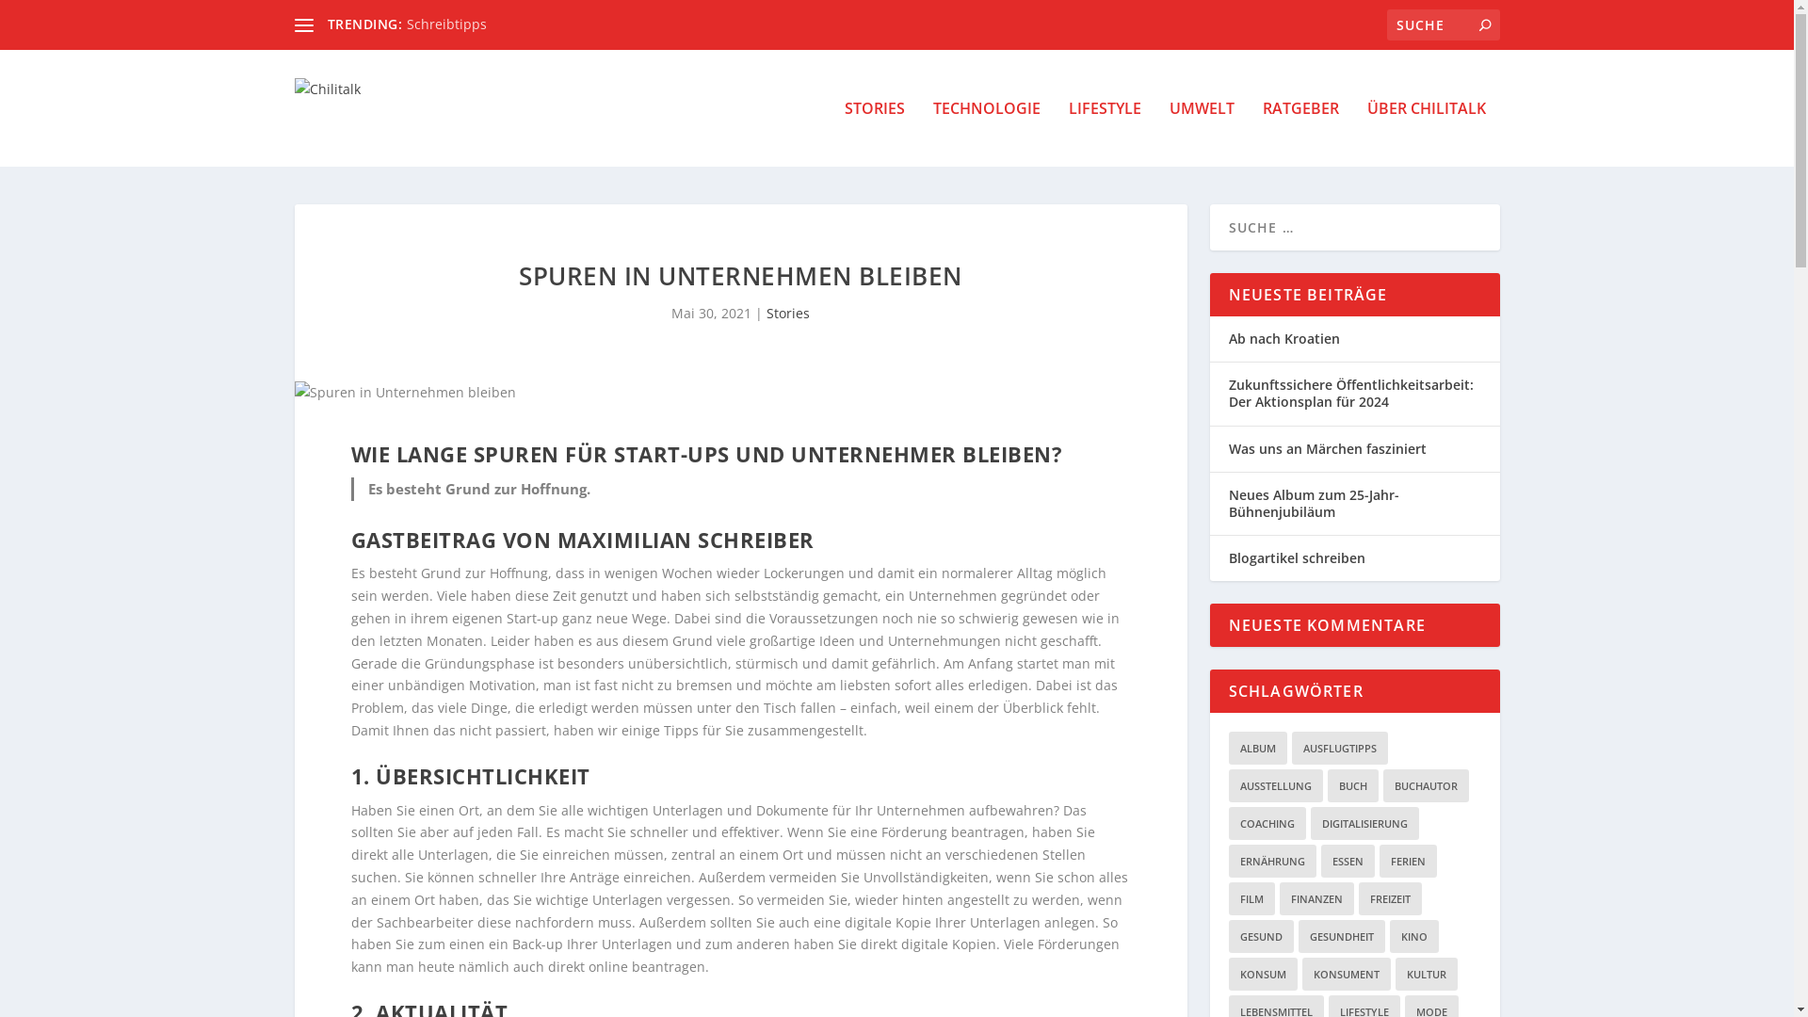 The height and width of the screenshot is (1017, 1808). Describe the element at coordinates (1283, 337) in the screenshot. I see `'Ab nach Kroatien'` at that location.